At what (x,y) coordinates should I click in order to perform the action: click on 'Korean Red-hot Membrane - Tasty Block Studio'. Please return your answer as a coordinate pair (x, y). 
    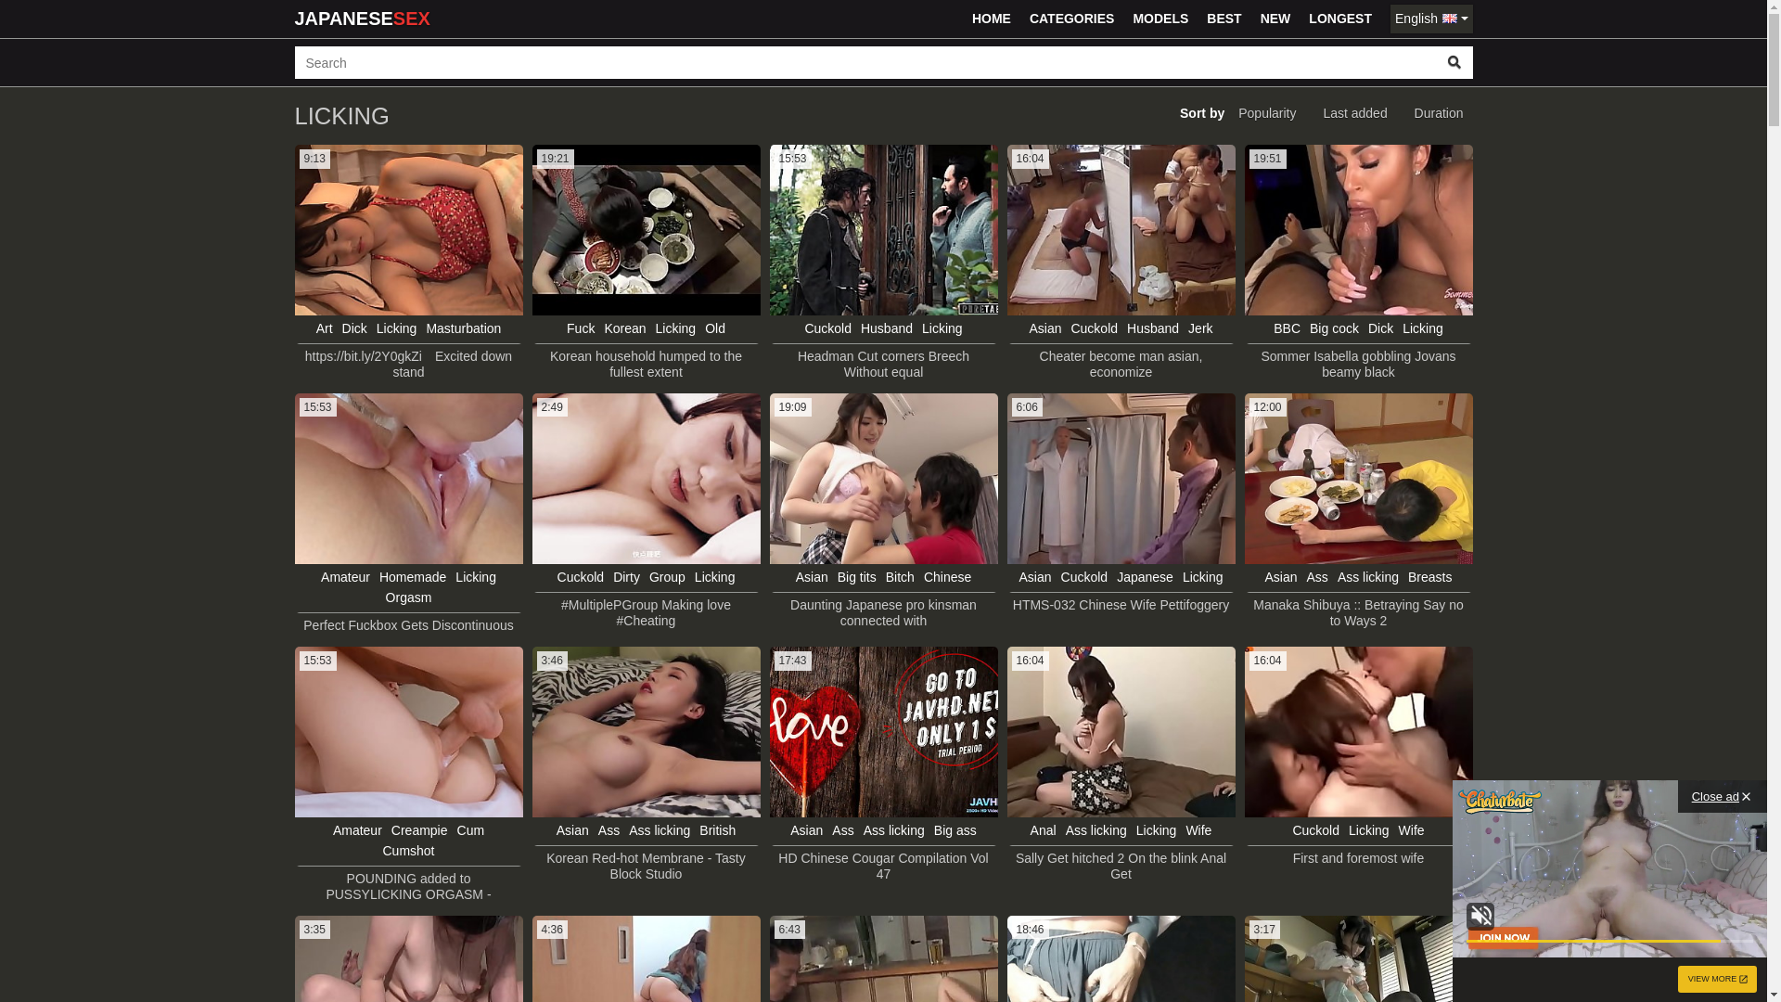
    Looking at the image, I should click on (646, 866).